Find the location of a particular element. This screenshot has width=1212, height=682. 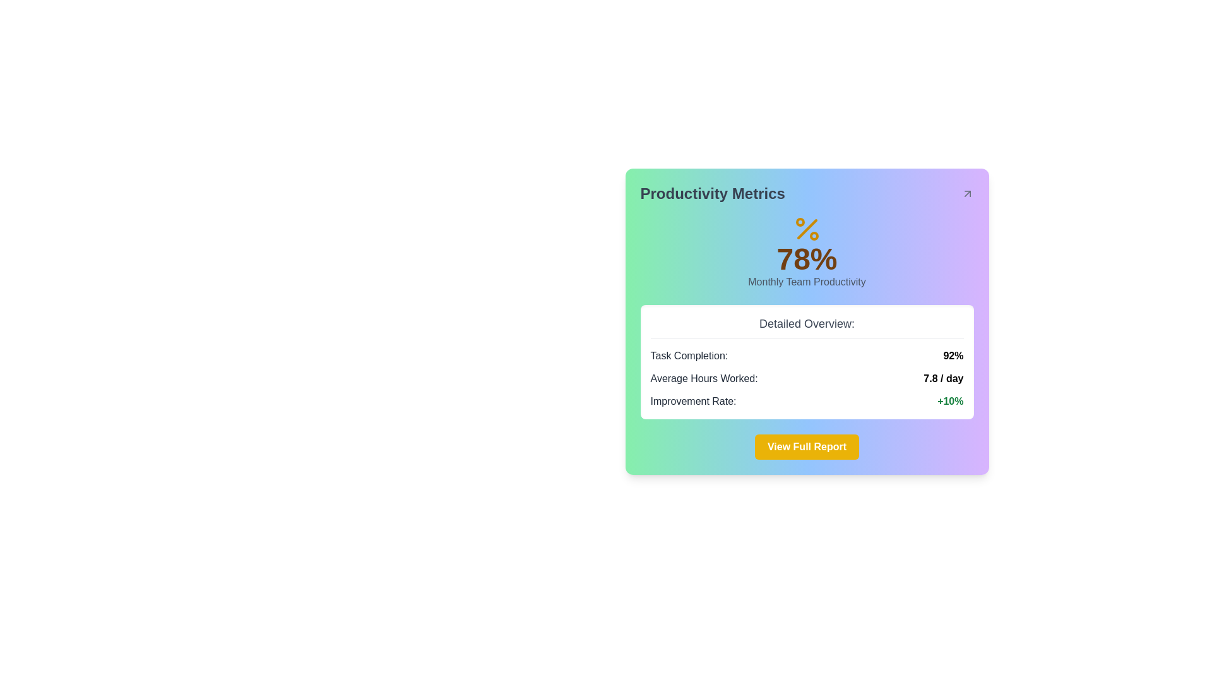

the static text displaying the average number of hours worked per day, which shows '7.8 / day' located to the right of 'Average Hours Worked:' in the 'Detailed Overview' panel is located at coordinates (943, 378).